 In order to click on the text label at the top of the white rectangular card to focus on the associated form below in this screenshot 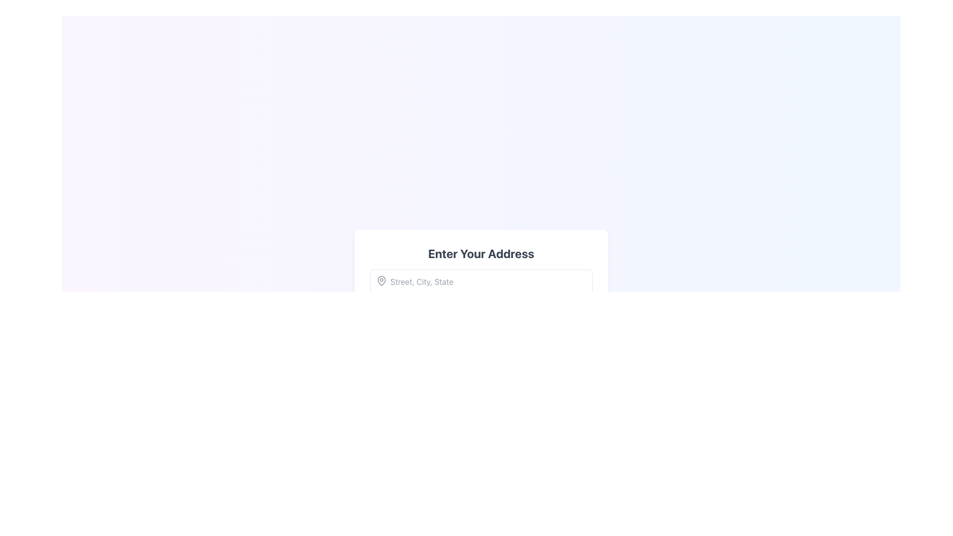, I will do `click(481, 253)`.